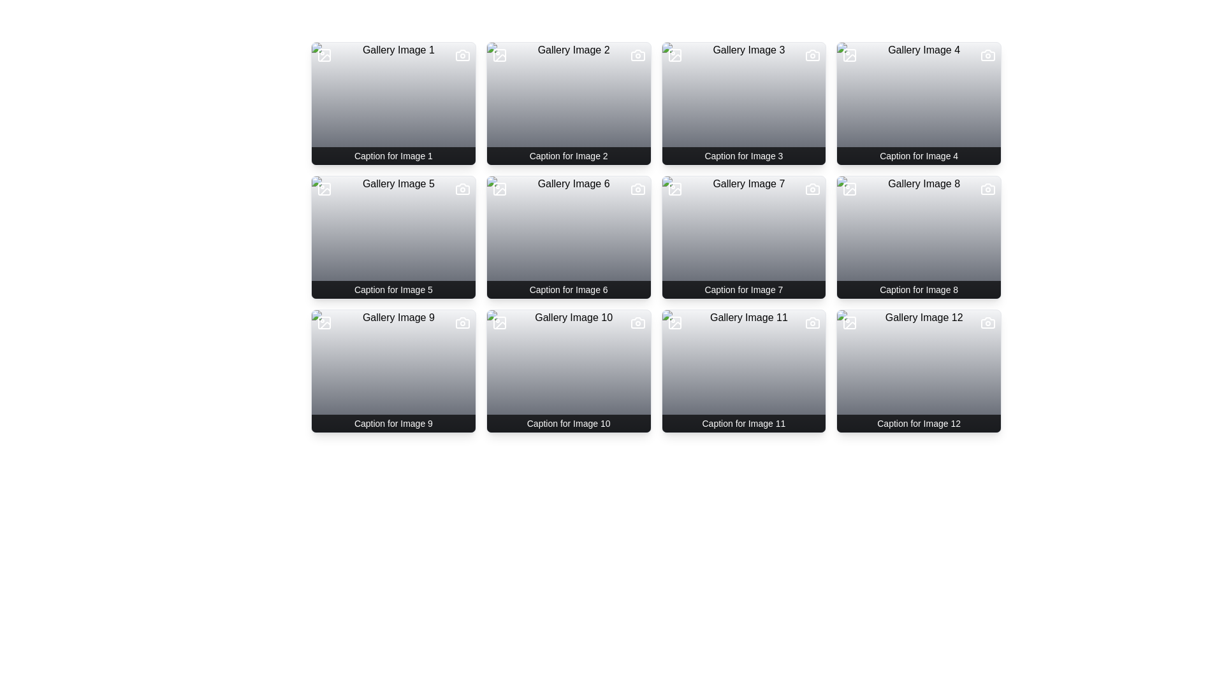 The width and height of the screenshot is (1224, 688). I want to click on the seventh image card in the gallery, which displays a title and caption, located in the second row, third column of the grid layout, so click(743, 238).